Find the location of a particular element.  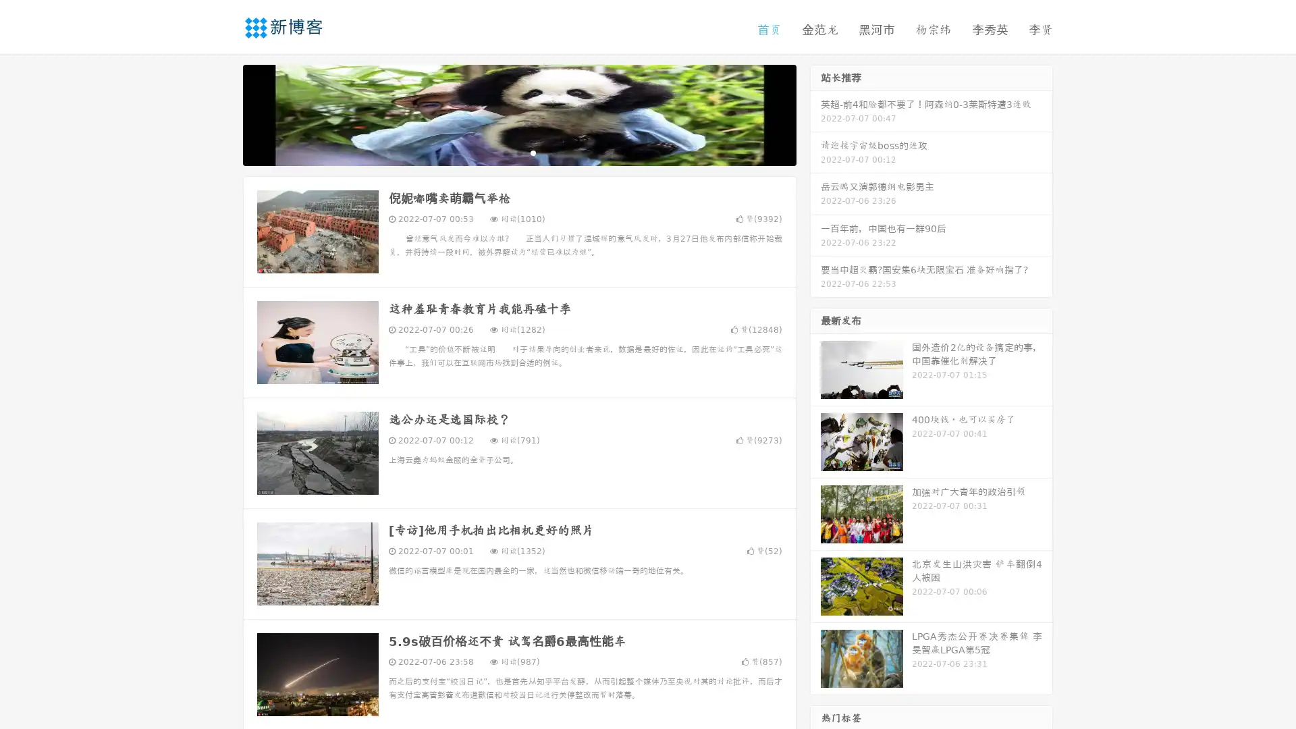

Previous slide is located at coordinates (223, 113).